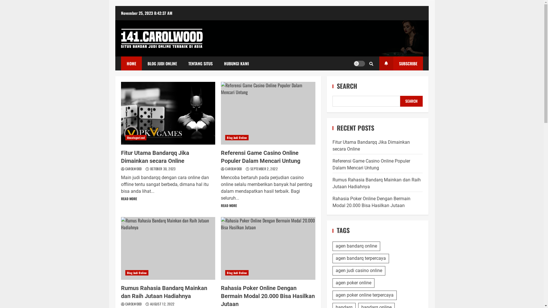 The width and height of the screenshot is (548, 308). What do you see at coordinates (135, 137) in the screenshot?
I see `'Uncategorized'` at bounding box center [135, 137].